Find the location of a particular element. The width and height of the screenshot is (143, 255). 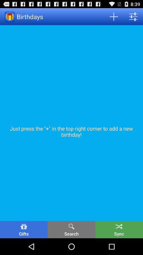

the app above just press the icon is located at coordinates (133, 16).